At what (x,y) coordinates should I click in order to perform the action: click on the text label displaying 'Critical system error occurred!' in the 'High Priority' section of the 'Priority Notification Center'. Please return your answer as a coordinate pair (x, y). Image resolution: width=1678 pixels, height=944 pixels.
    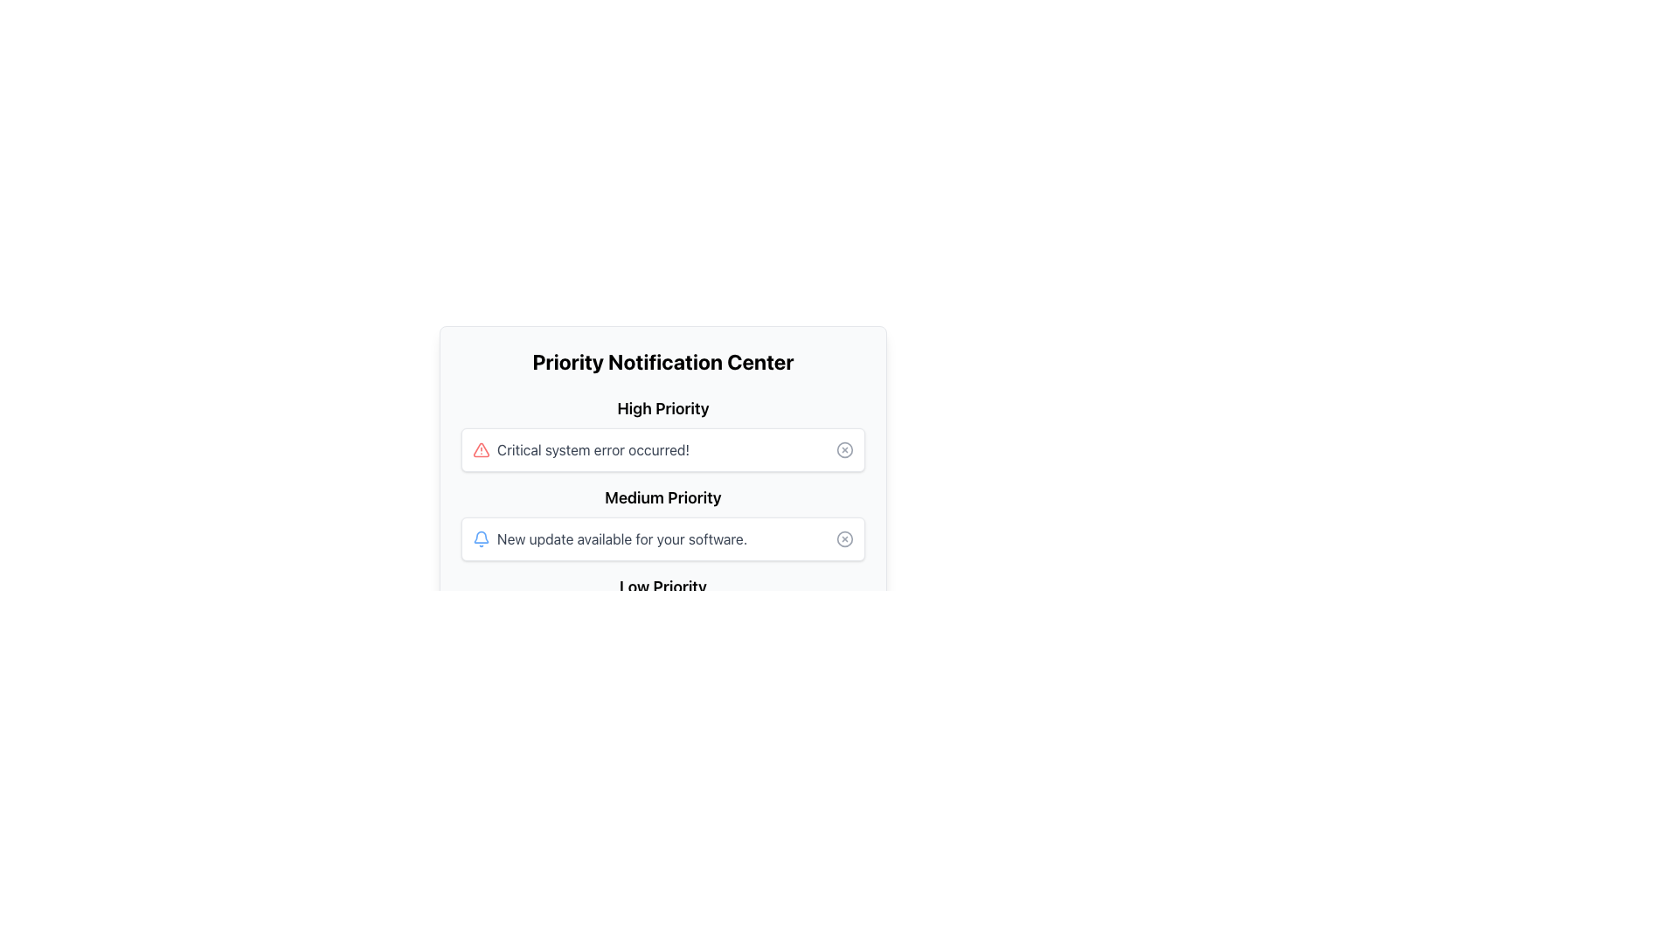
    Looking at the image, I should click on (593, 449).